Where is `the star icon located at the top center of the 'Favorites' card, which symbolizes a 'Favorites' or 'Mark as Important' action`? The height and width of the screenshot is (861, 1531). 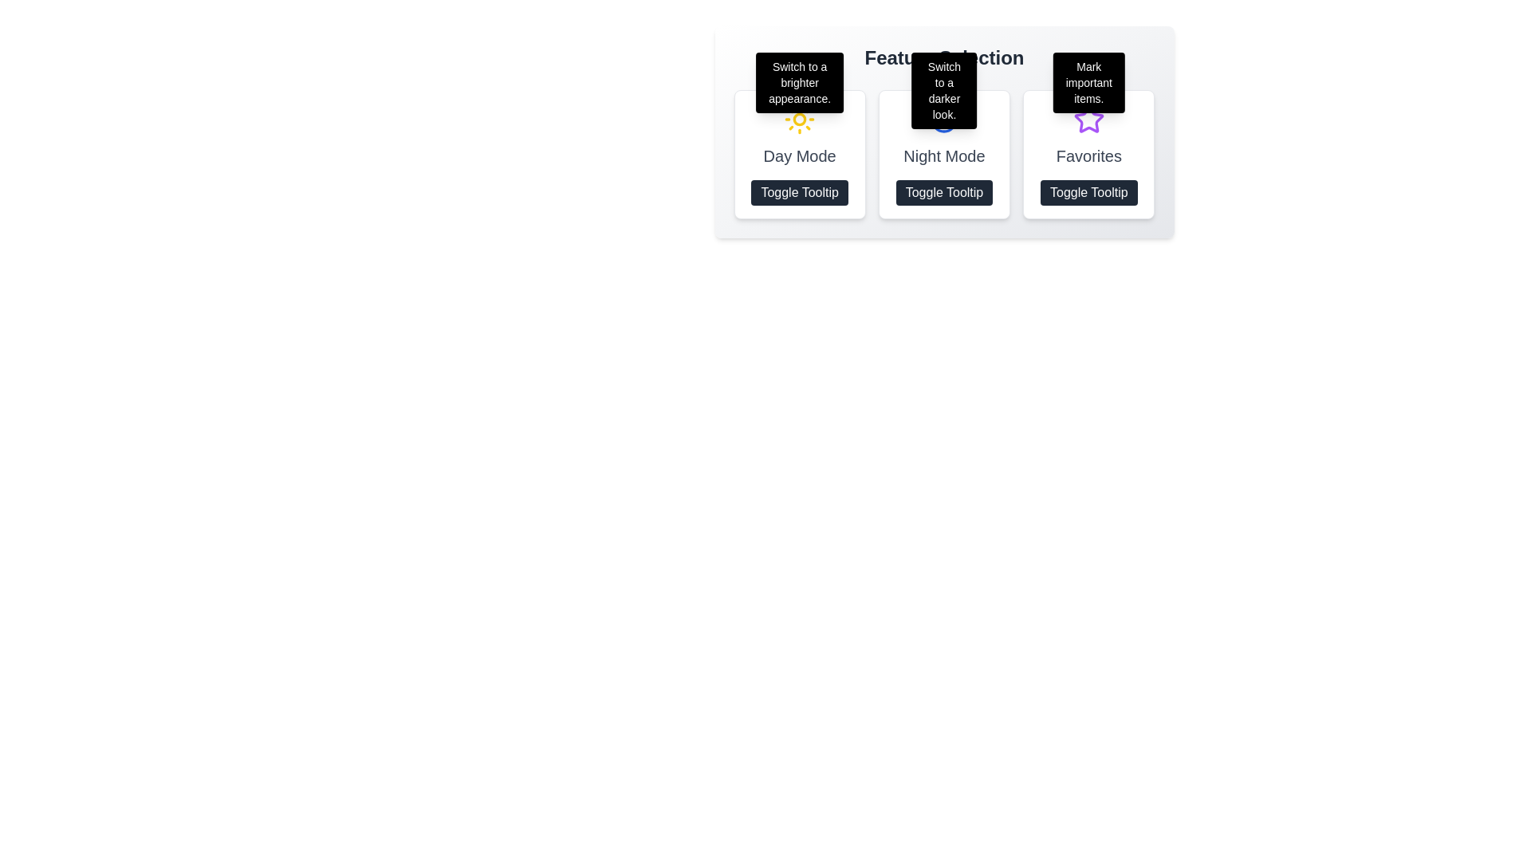
the star icon located at the top center of the 'Favorites' card, which symbolizes a 'Favorites' or 'Mark as Important' action is located at coordinates (1088, 119).